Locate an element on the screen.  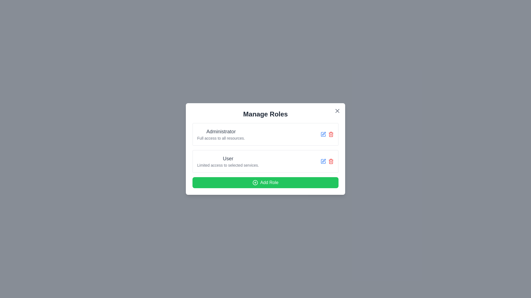
the label displaying 'Administrator' with the description 'Full access to all resources.' in the 'Manage Roles' dialog box is located at coordinates (221, 134).